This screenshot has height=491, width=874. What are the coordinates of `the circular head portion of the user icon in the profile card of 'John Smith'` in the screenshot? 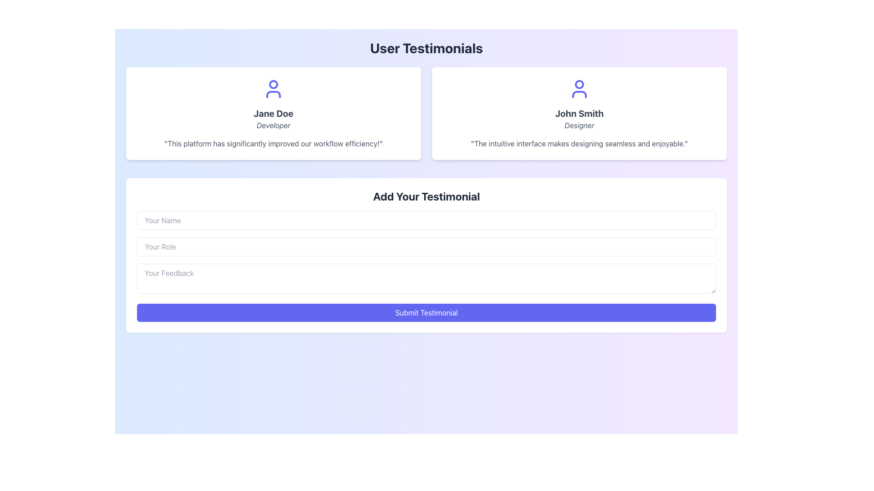 It's located at (579, 84).